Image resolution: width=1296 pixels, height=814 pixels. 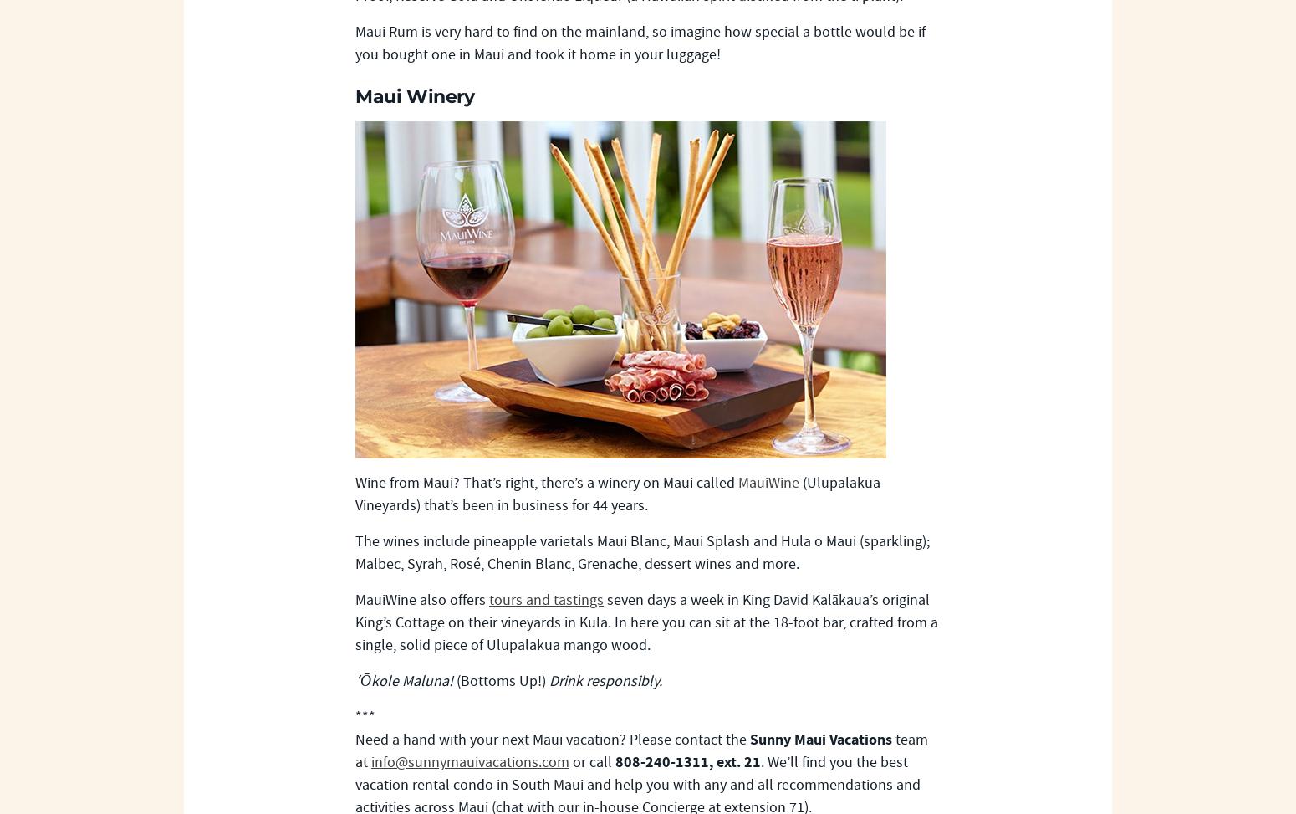 What do you see at coordinates (641, 750) in the screenshot?
I see `'team at'` at bounding box center [641, 750].